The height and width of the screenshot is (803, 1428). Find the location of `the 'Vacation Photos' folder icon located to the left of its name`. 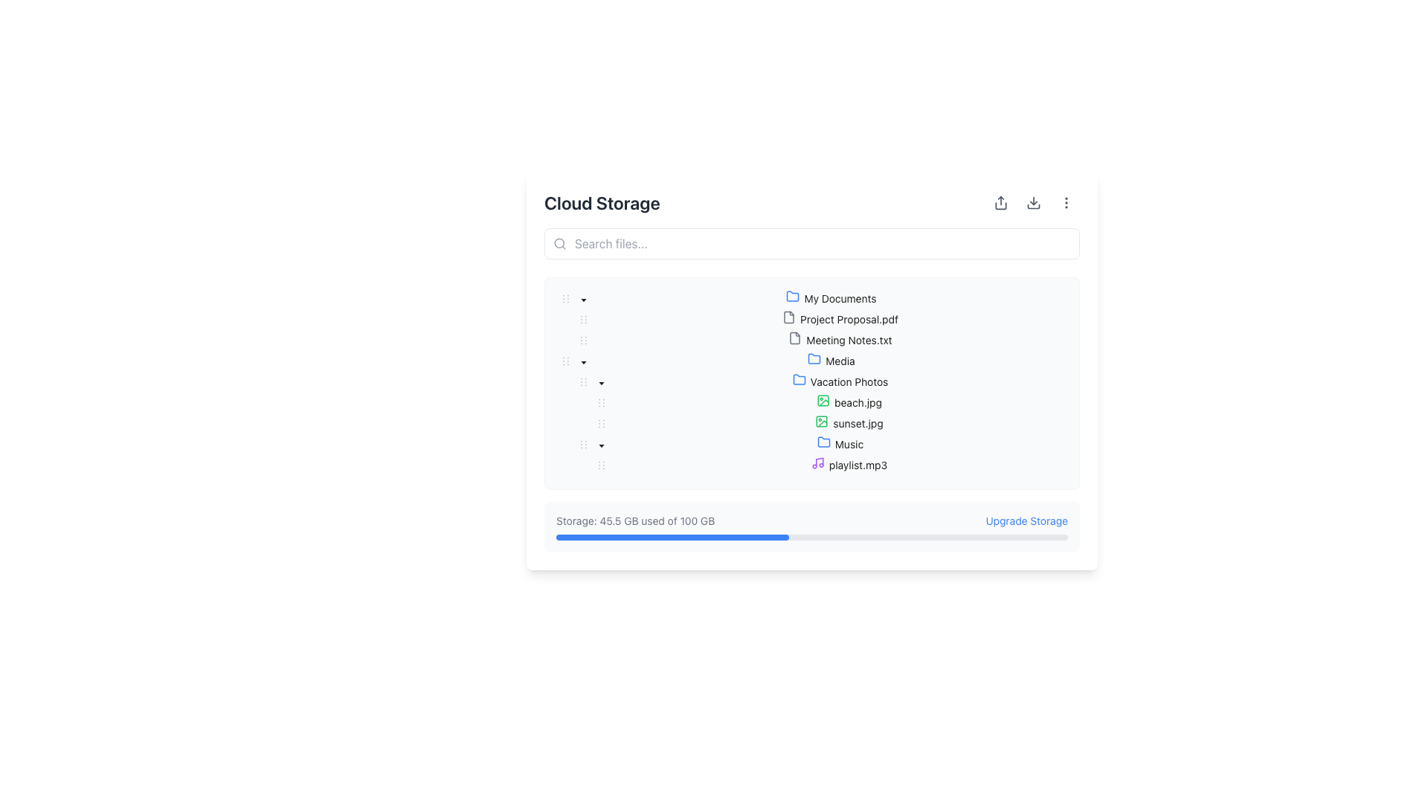

the 'Vacation Photos' folder icon located to the left of its name is located at coordinates (800, 381).